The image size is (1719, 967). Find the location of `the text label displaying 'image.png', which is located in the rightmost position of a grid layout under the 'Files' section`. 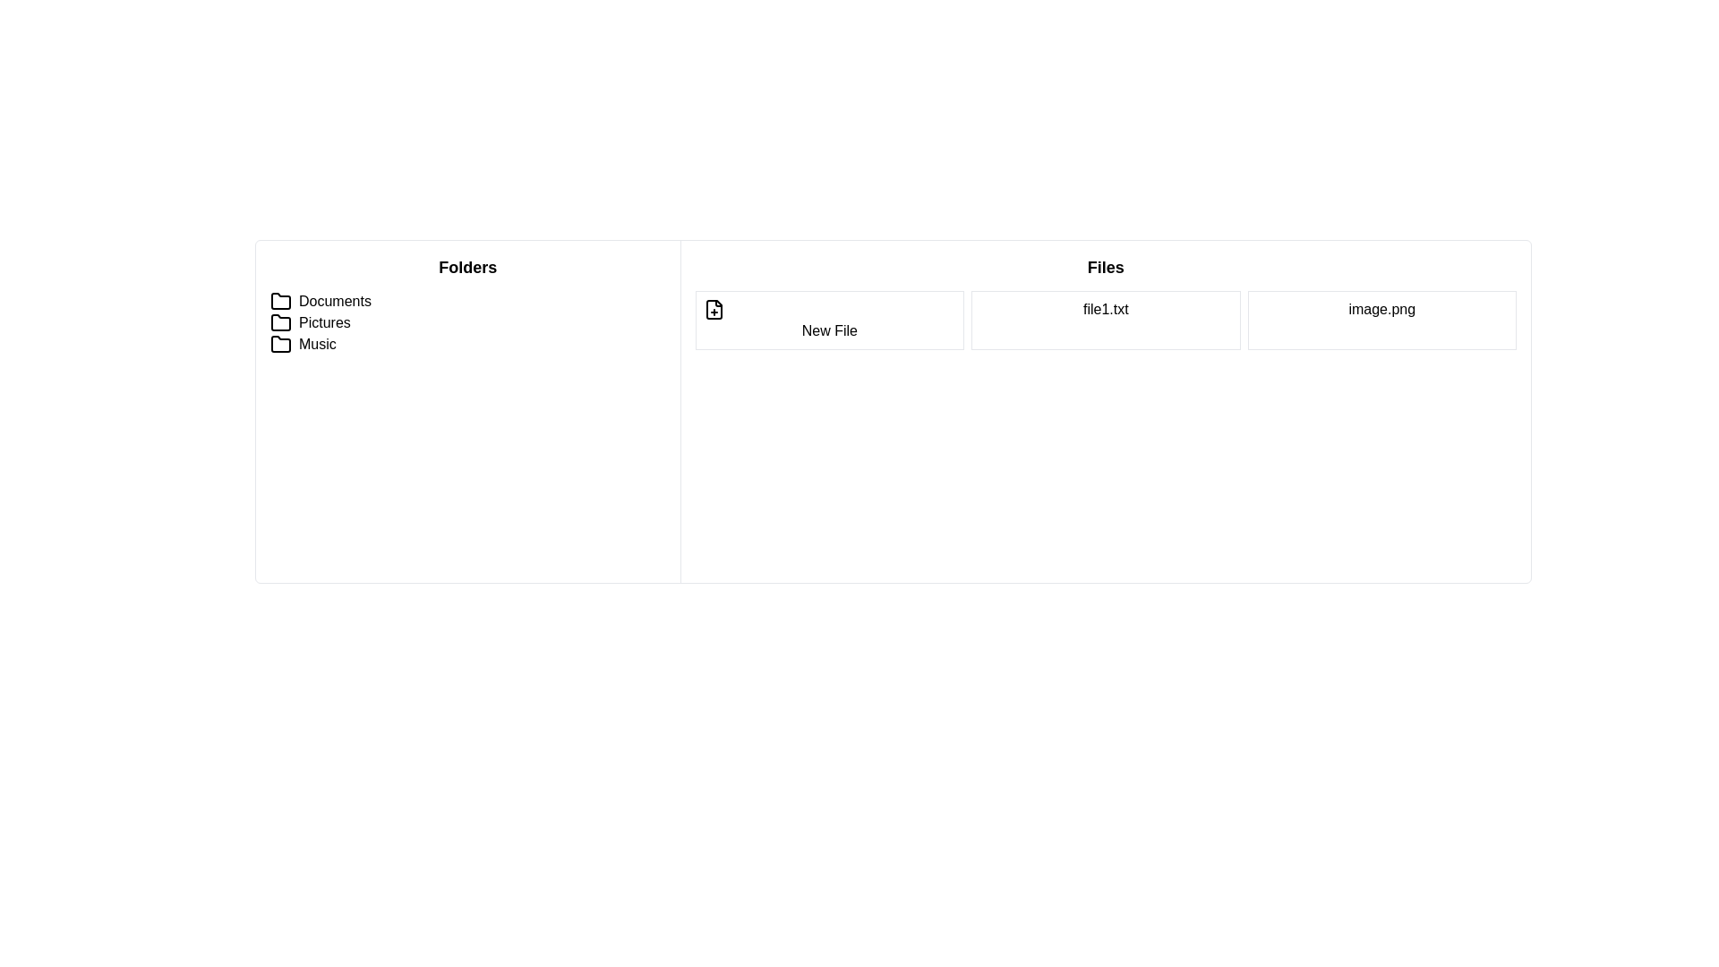

the text label displaying 'image.png', which is located in the rightmost position of a grid layout under the 'Files' section is located at coordinates (1381, 320).